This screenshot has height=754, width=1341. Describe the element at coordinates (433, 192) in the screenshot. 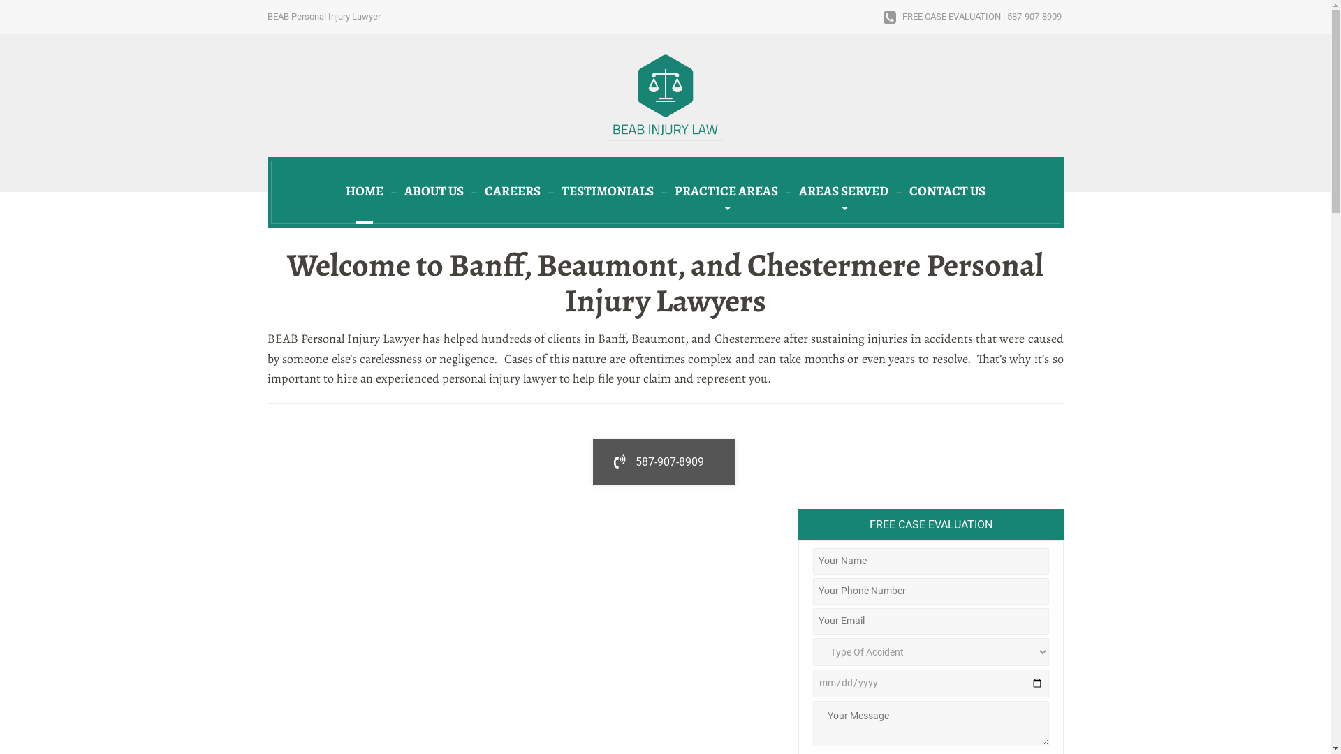

I see `'ABOUT US'` at that location.